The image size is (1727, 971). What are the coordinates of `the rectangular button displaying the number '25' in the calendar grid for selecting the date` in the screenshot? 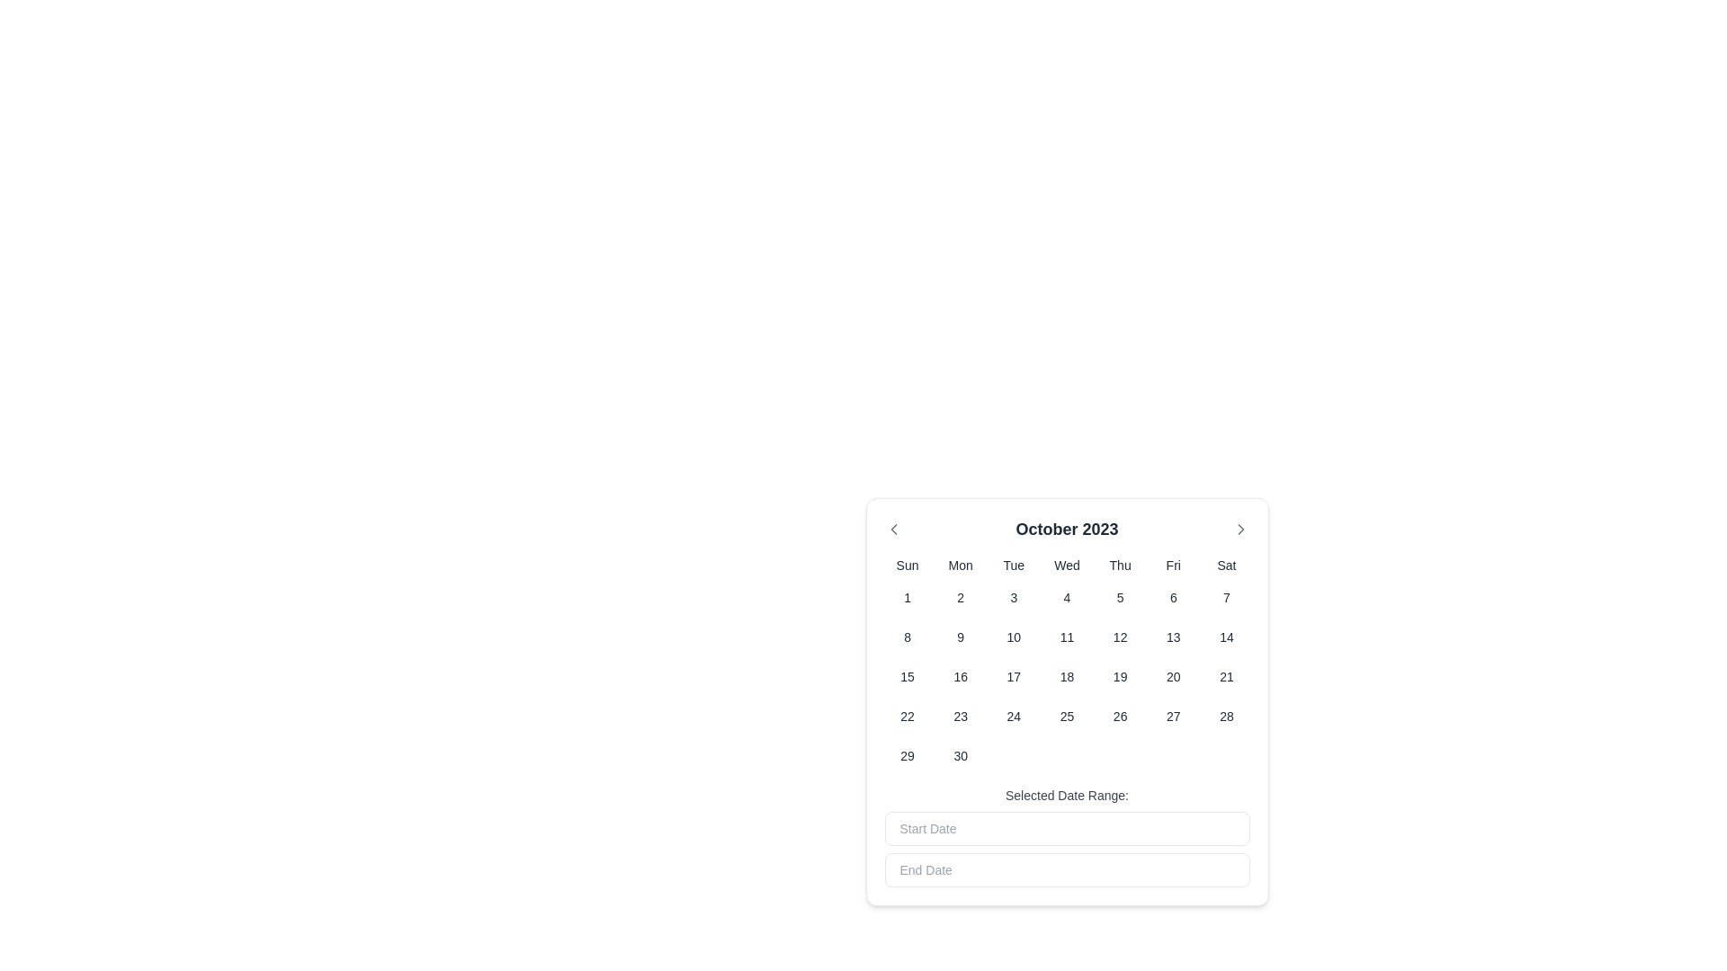 It's located at (1067, 716).